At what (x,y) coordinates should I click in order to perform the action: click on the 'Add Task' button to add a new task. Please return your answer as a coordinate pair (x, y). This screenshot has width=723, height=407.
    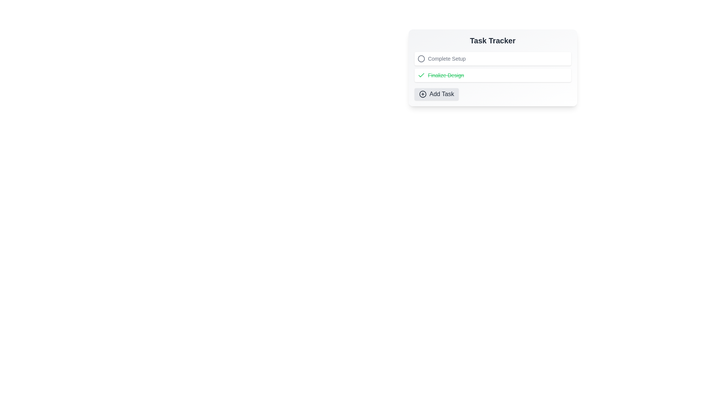
    Looking at the image, I should click on (436, 94).